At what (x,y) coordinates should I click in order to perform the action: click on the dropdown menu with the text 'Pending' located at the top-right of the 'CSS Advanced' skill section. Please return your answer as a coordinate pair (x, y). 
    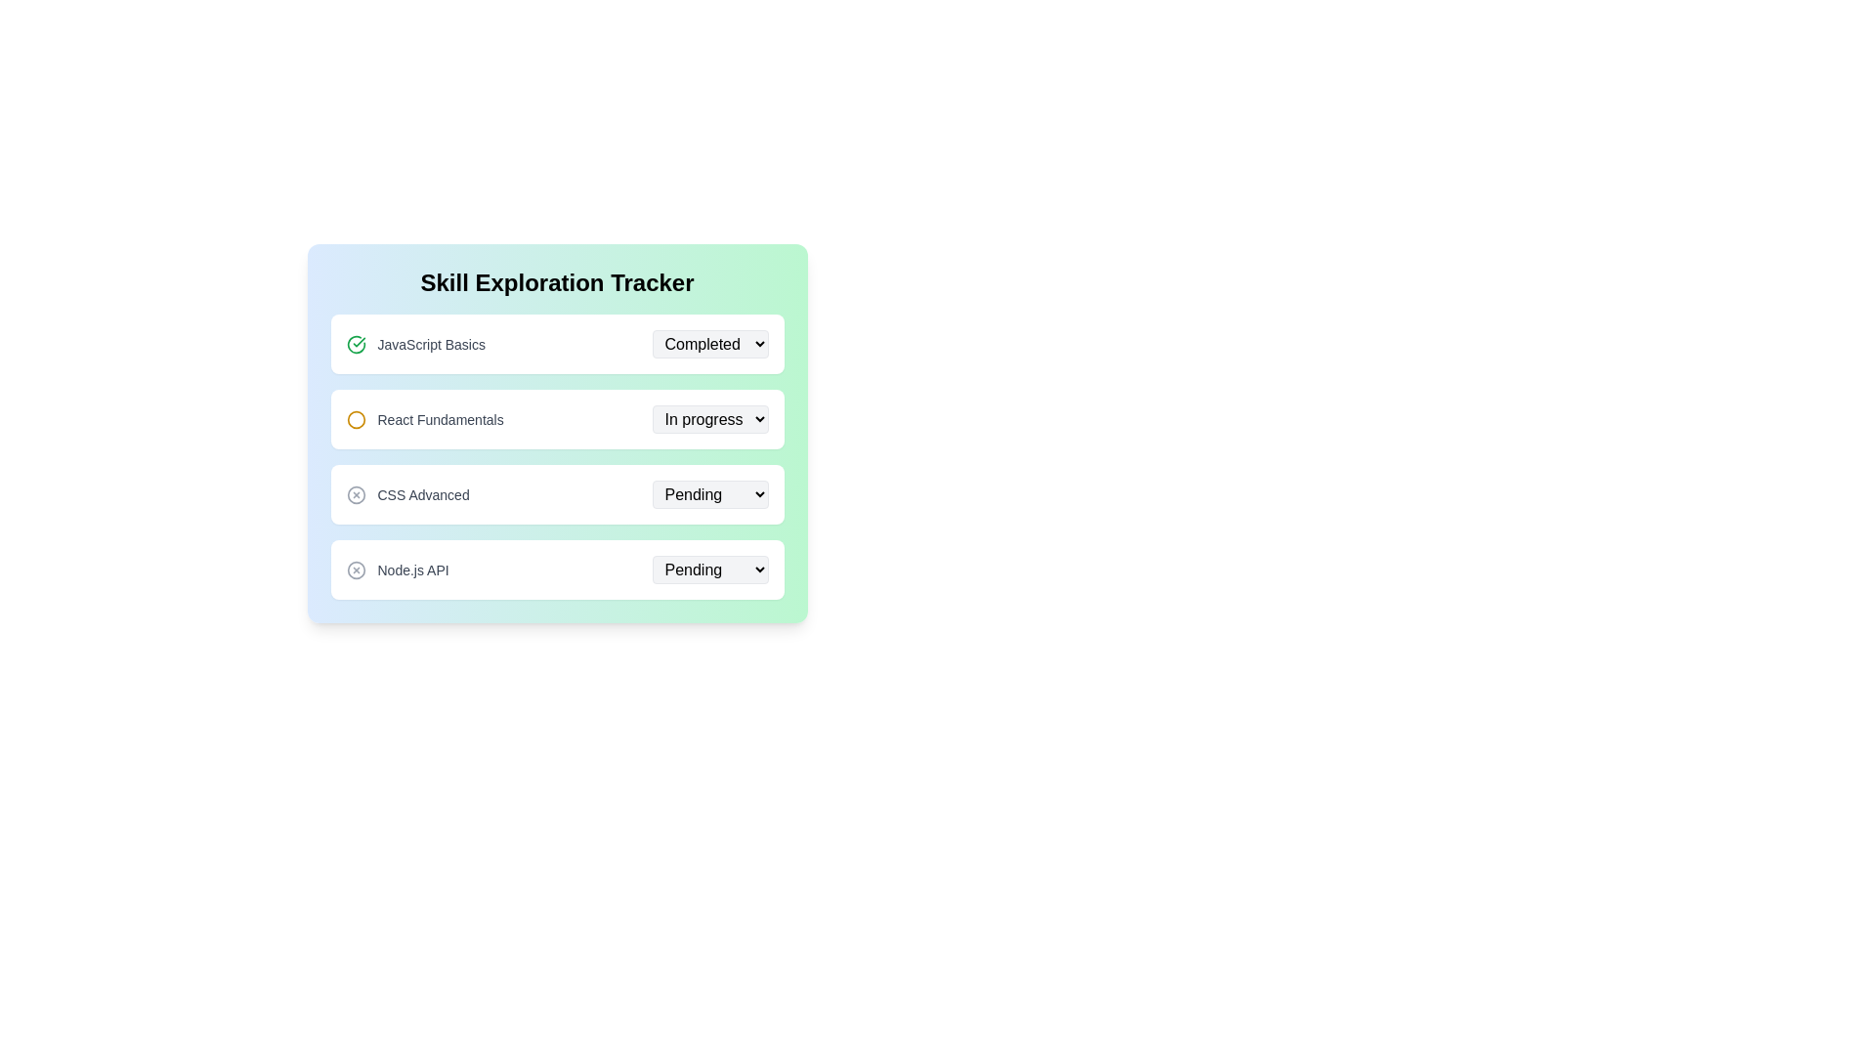
    Looking at the image, I should click on (708, 493).